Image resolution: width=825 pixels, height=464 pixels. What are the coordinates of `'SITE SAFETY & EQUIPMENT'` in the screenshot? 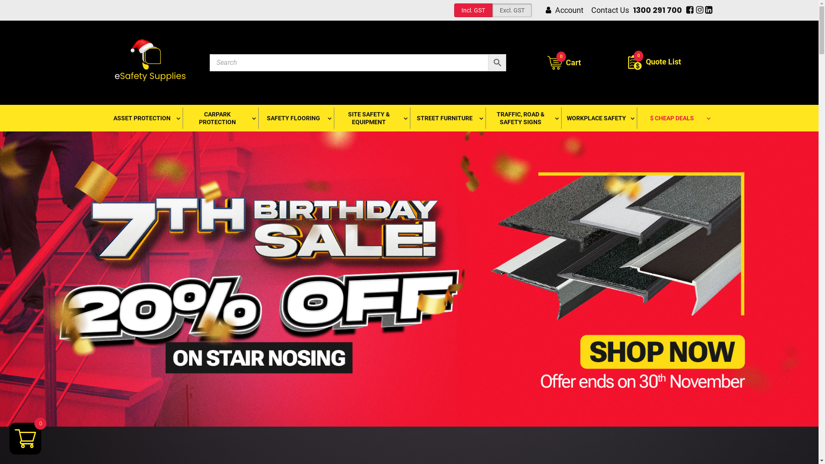 It's located at (333, 118).